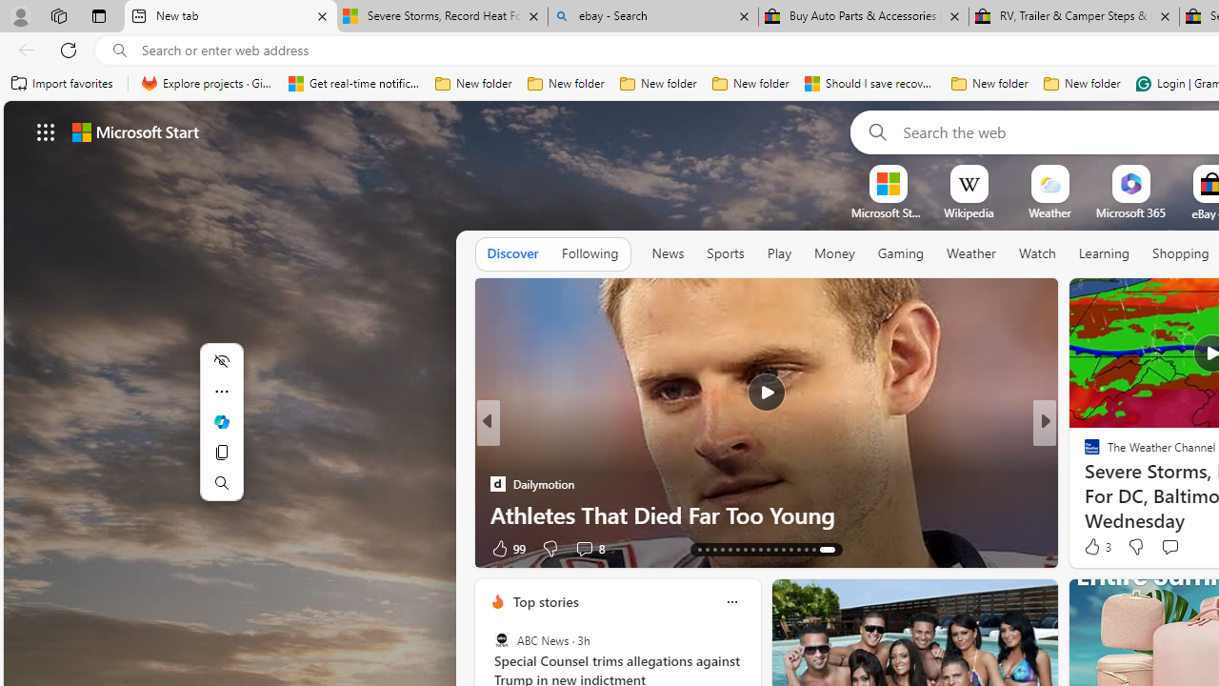 This screenshot has height=686, width=1219. Describe the element at coordinates (869, 83) in the screenshot. I see `'Should I save recovered Word documents? - Microsoft Support'` at that location.